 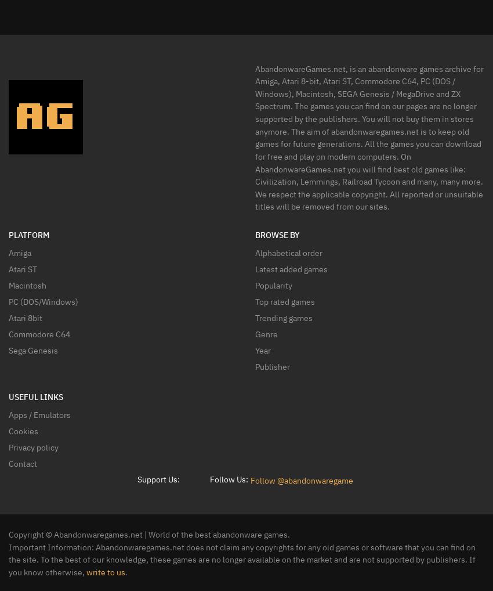 What do you see at coordinates (254, 365) in the screenshot?
I see `'Publisher'` at bounding box center [254, 365].